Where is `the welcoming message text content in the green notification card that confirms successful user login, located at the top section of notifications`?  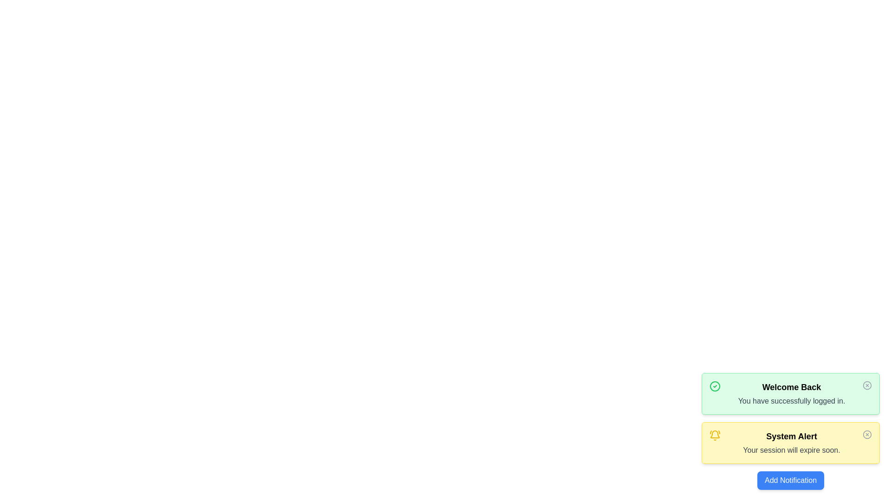
the welcoming message text content in the green notification card that confirms successful user login, located at the top section of notifications is located at coordinates (791, 393).